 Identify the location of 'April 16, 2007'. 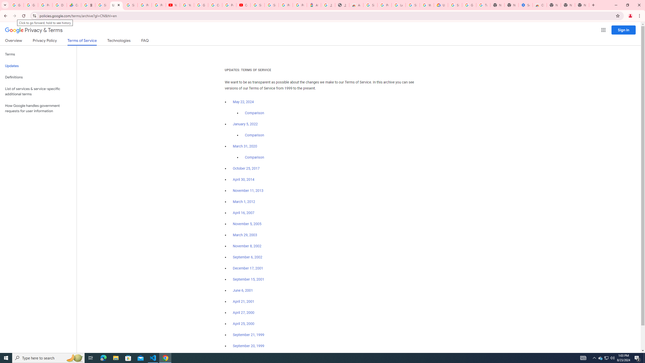
(243, 213).